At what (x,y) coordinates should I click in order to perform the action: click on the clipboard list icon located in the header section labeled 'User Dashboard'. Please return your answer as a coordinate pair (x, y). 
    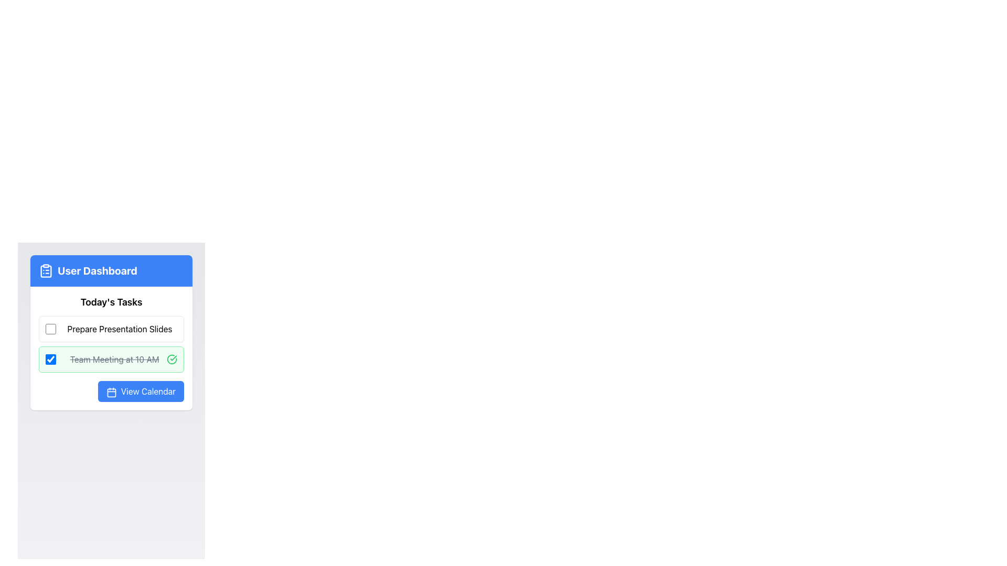
    Looking at the image, I should click on (45, 270).